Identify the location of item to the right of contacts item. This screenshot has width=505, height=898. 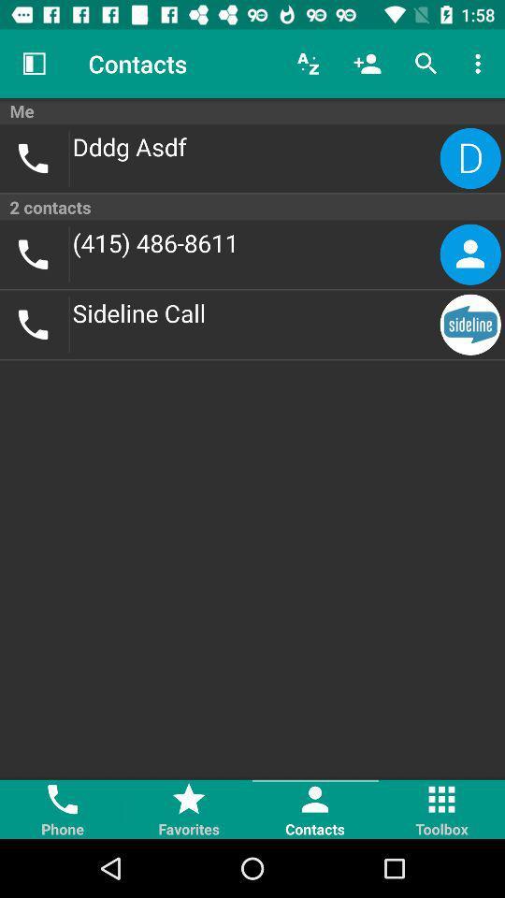
(308, 64).